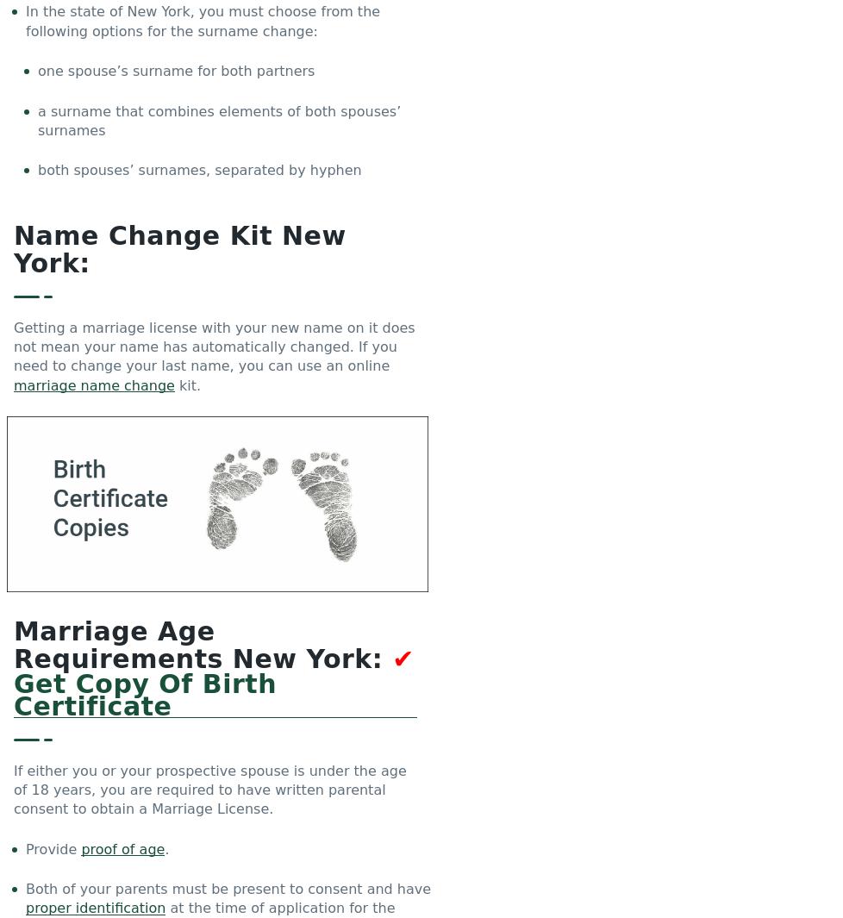 The width and height of the screenshot is (843, 918). What do you see at coordinates (53, 848) in the screenshot?
I see `'Provide'` at bounding box center [53, 848].